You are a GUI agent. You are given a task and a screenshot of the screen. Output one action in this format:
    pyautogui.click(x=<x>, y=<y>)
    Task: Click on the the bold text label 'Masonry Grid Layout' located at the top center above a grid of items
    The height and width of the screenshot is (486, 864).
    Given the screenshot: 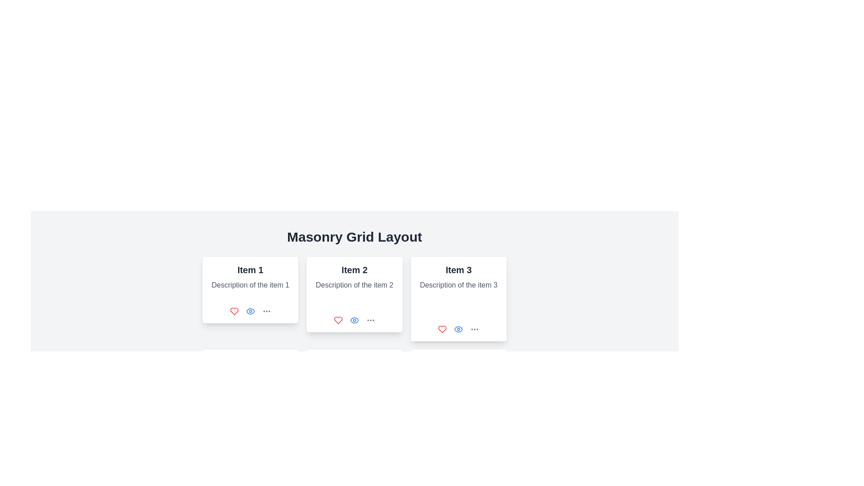 What is the action you would take?
    pyautogui.click(x=354, y=237)
    